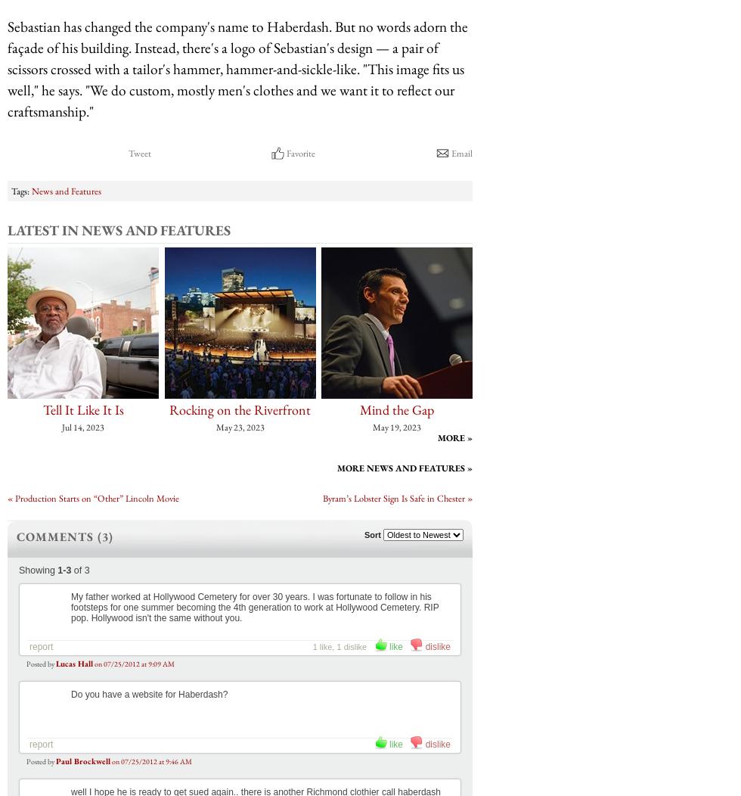 Image resolution: width=741 pixels, height=796 pixels. What do you see at coordinates (185, 498) in the screenshot?
I see `'|'` at bounding box center [185, 498].